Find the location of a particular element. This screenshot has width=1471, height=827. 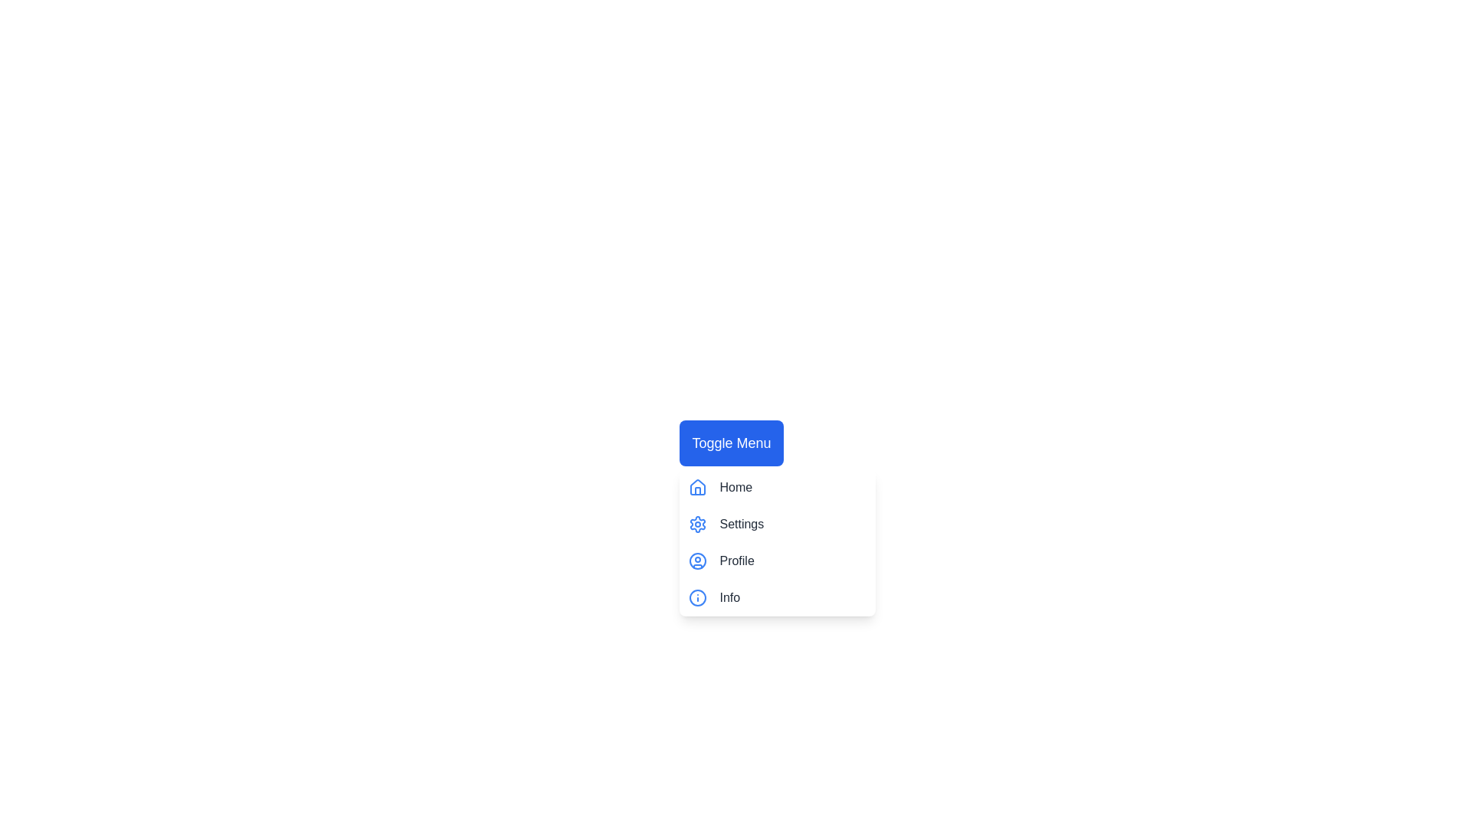

the menu item Profile by clicking on it is located at coordinates (777, 561).